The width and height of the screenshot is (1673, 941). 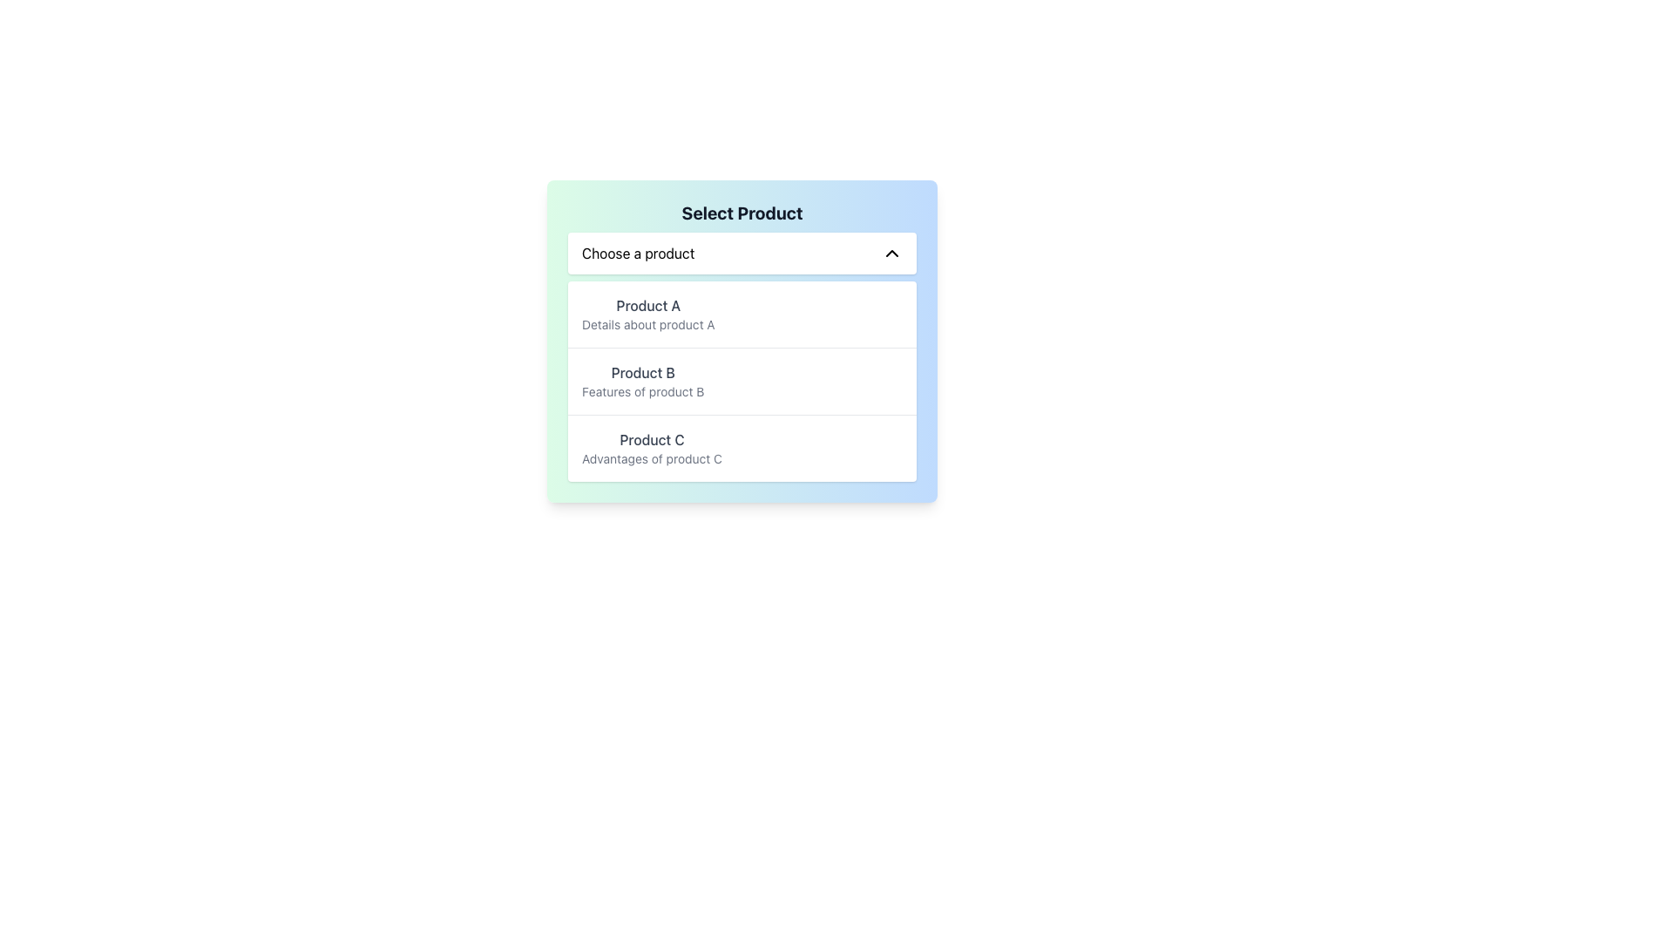 I want to click on the second selectable list item representing 'Product B' within the vertical list of options, so click(x=742, y=380).